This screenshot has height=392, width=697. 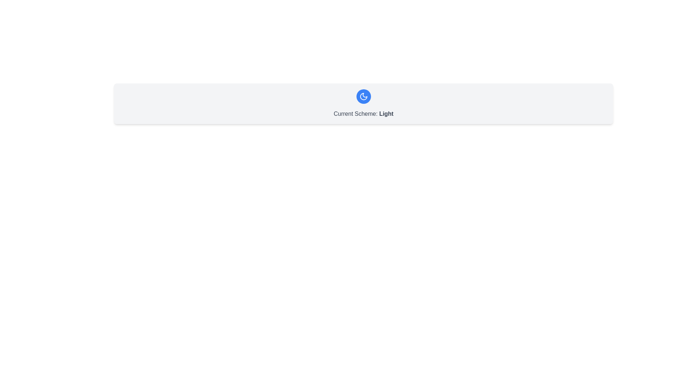 What do you see at coordinates (363, 96) in the screenshot?
I see `the button that toggles between light and dark modes, indicated by its moon icon` at bounding box center [363, 96].